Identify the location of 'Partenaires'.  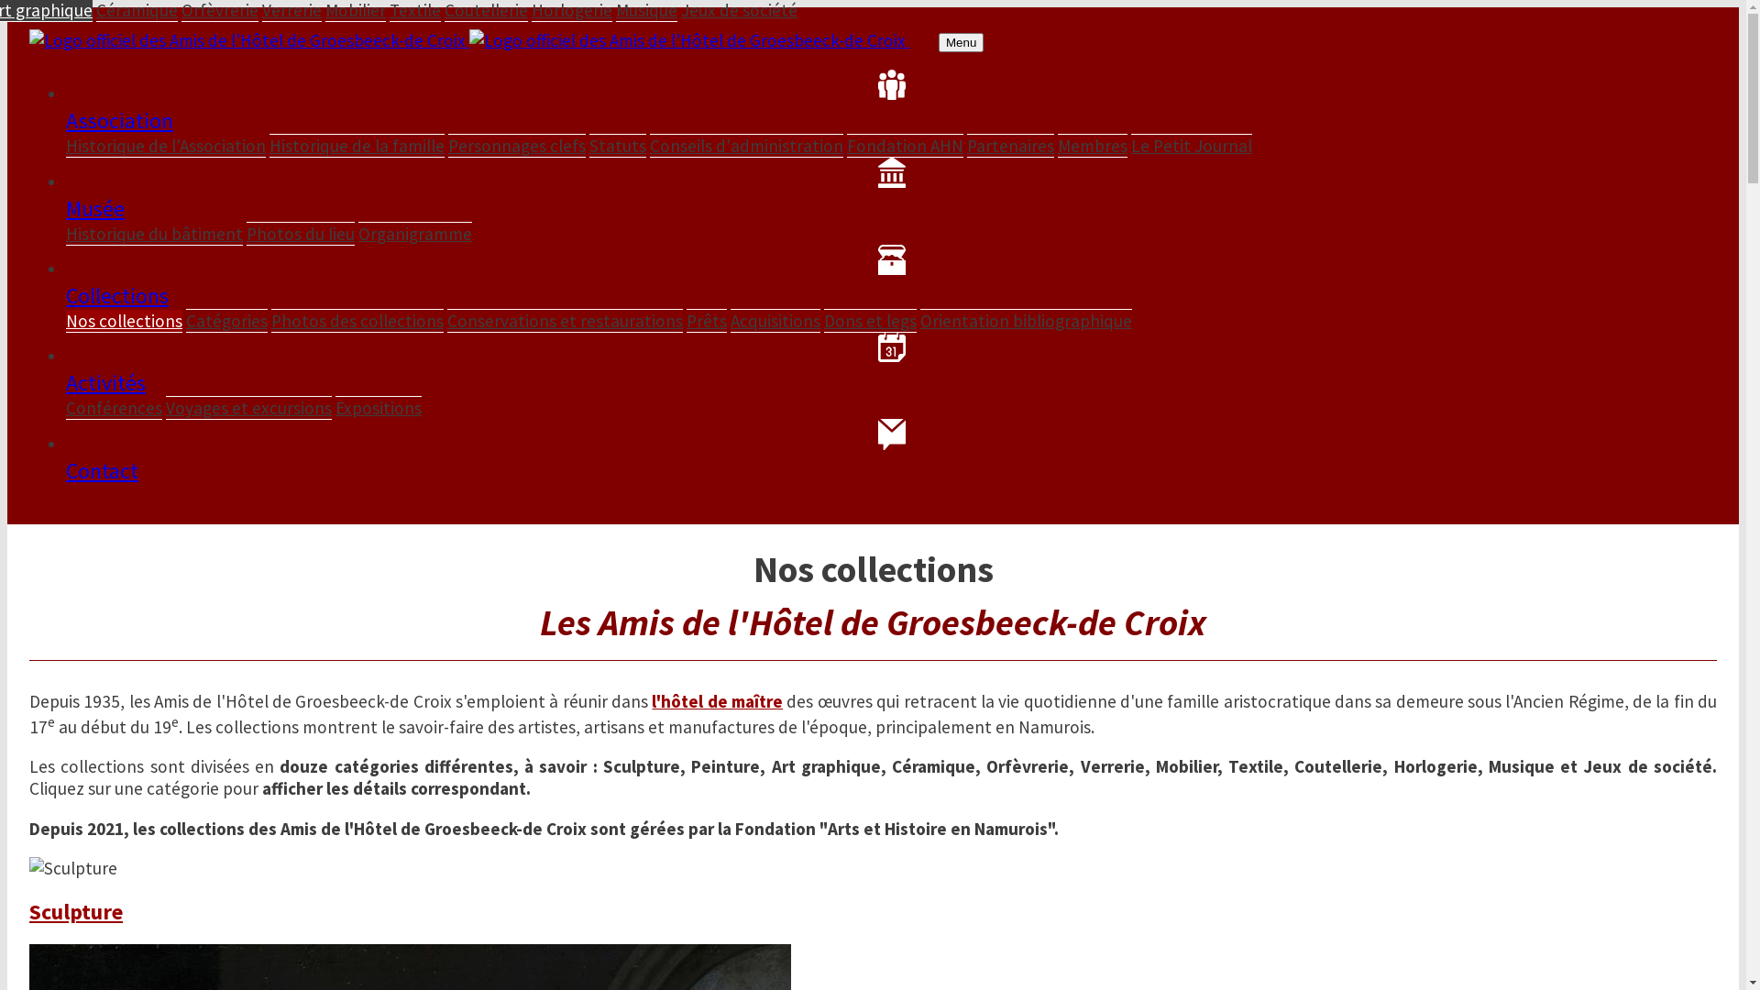
(966, 144).